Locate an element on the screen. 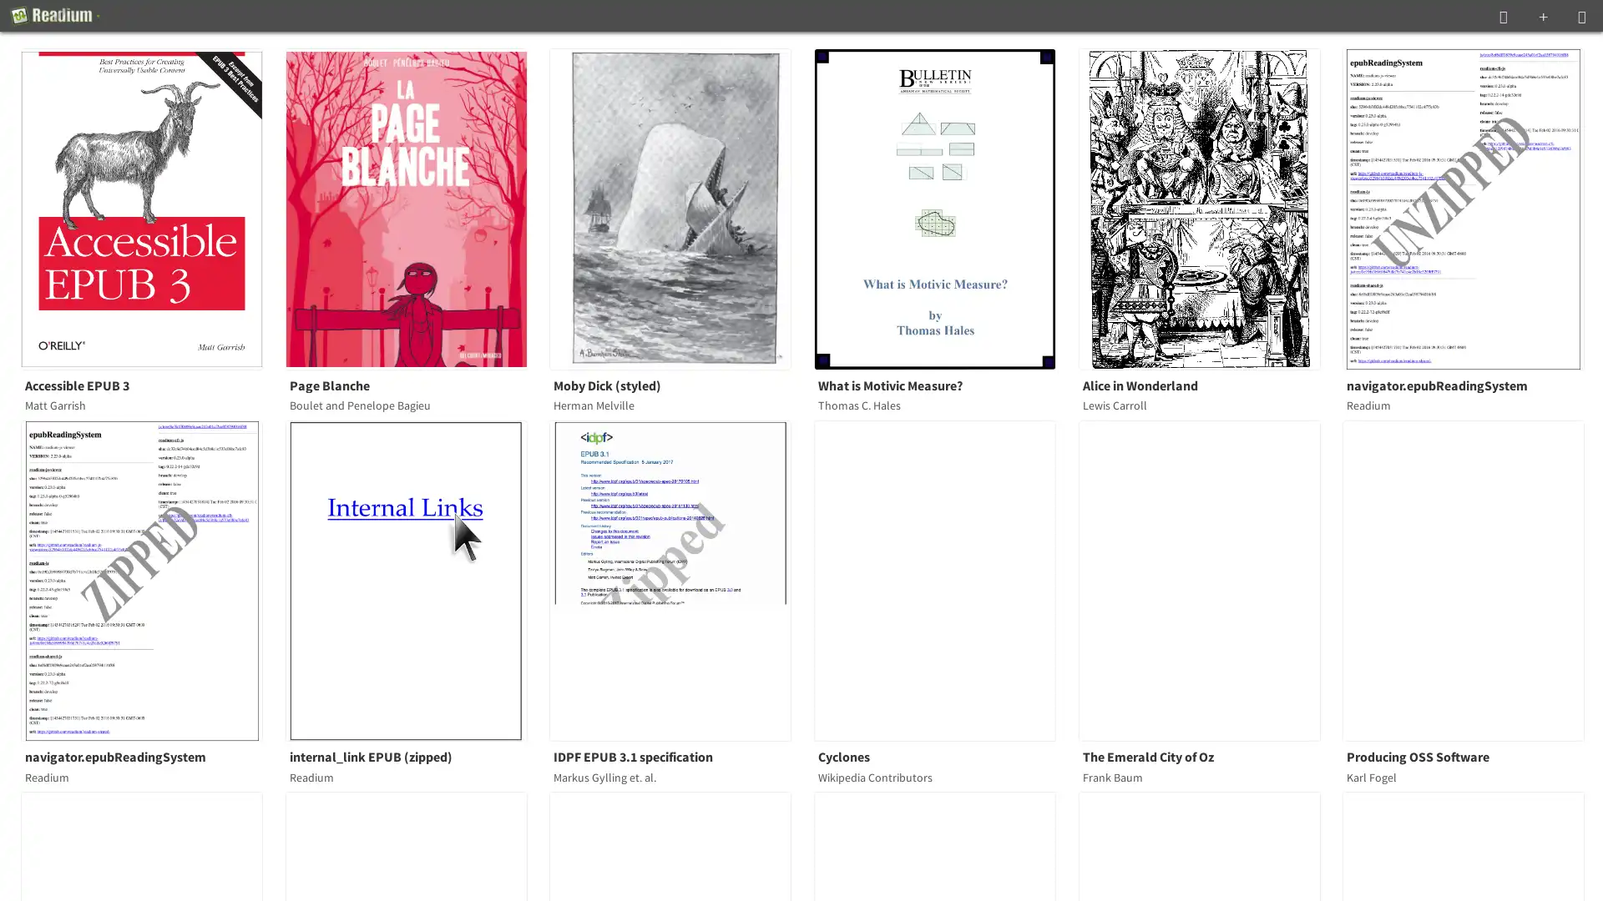 This screenshot has height=901, width=1603. (3) Moby Dick (styled) is located at coordinates (680, 208).